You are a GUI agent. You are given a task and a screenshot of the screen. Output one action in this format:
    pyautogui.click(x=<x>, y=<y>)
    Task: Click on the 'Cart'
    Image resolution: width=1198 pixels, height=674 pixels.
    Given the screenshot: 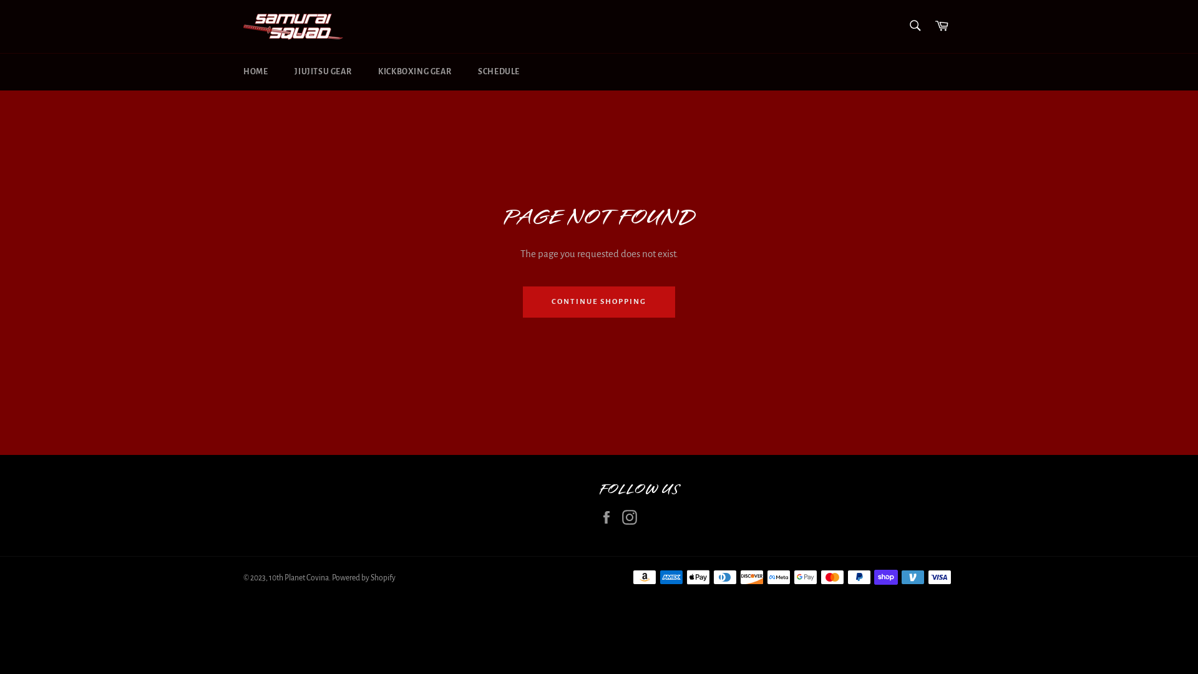 What is the action you would take?
    pyautogui.click(x=941, y=26)
    